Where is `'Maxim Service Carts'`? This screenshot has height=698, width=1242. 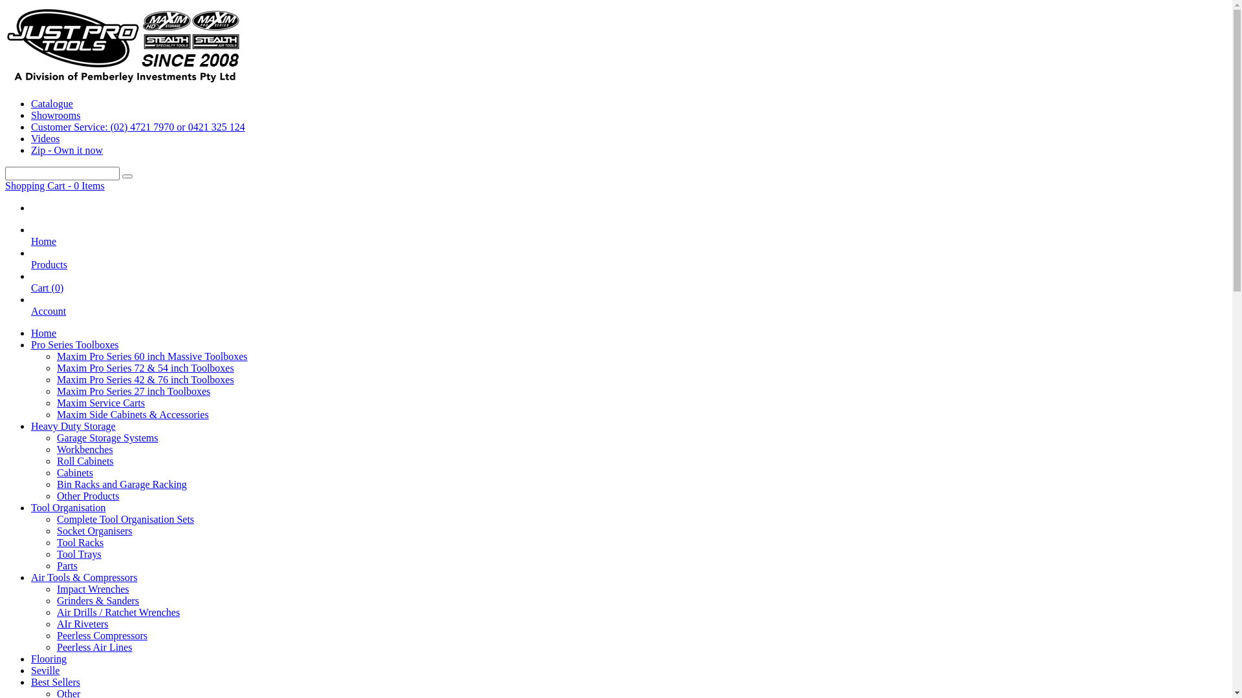
'Maxim Service Carts' is located at coordinates (100, 402).